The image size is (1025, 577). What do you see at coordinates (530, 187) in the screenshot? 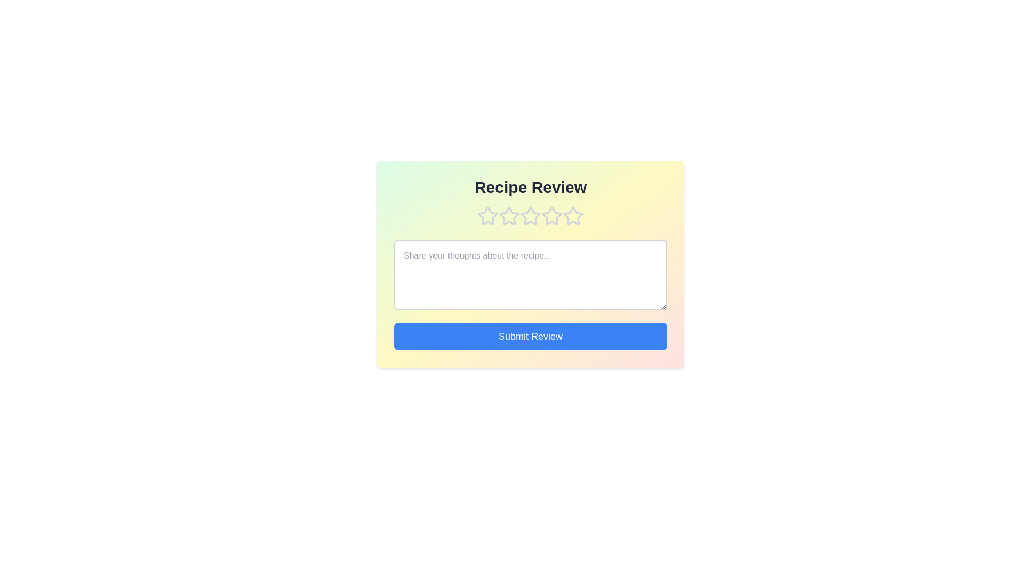
I see `the title 'Recipe Review' and extract its text` at bounding box center [530, 187].